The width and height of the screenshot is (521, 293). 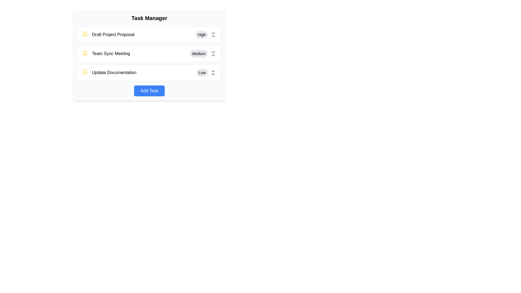 I want to click on the non-interactive text label displaying 'Update Documentation', which is the third task in the task list, so click(x=114, y=72).